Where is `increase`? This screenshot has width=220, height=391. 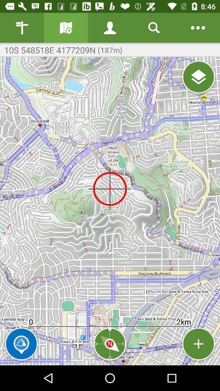 increase is located at coordinates (198, 343).